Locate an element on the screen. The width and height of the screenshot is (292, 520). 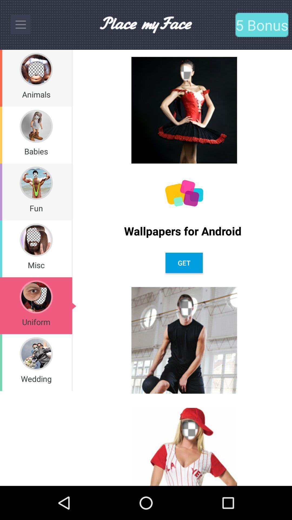
menu is located at coordinates (20, 24).